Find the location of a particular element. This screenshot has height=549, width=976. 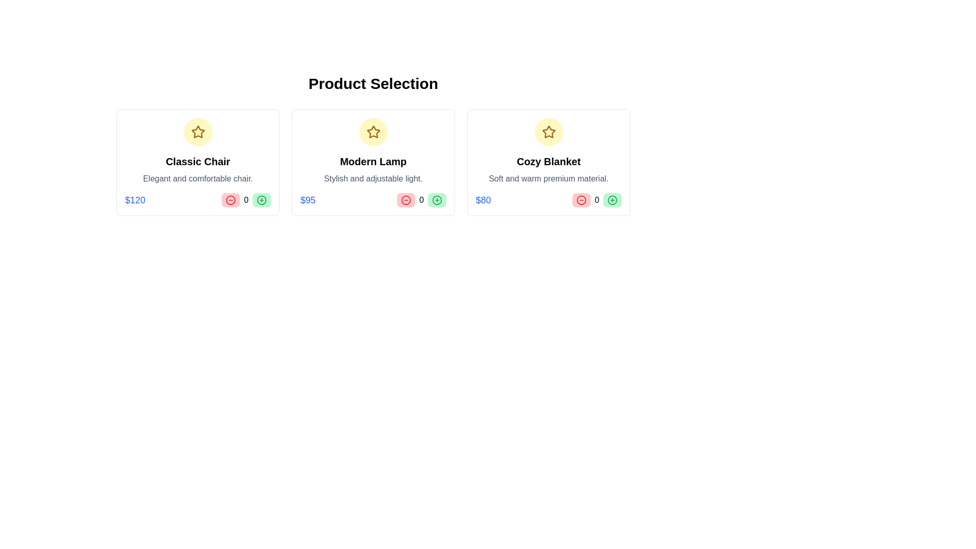

the circle SVG graphical element located in the Modern Lamp product card, which serves as a potential button or indicator is located at coordinates (437, 200).